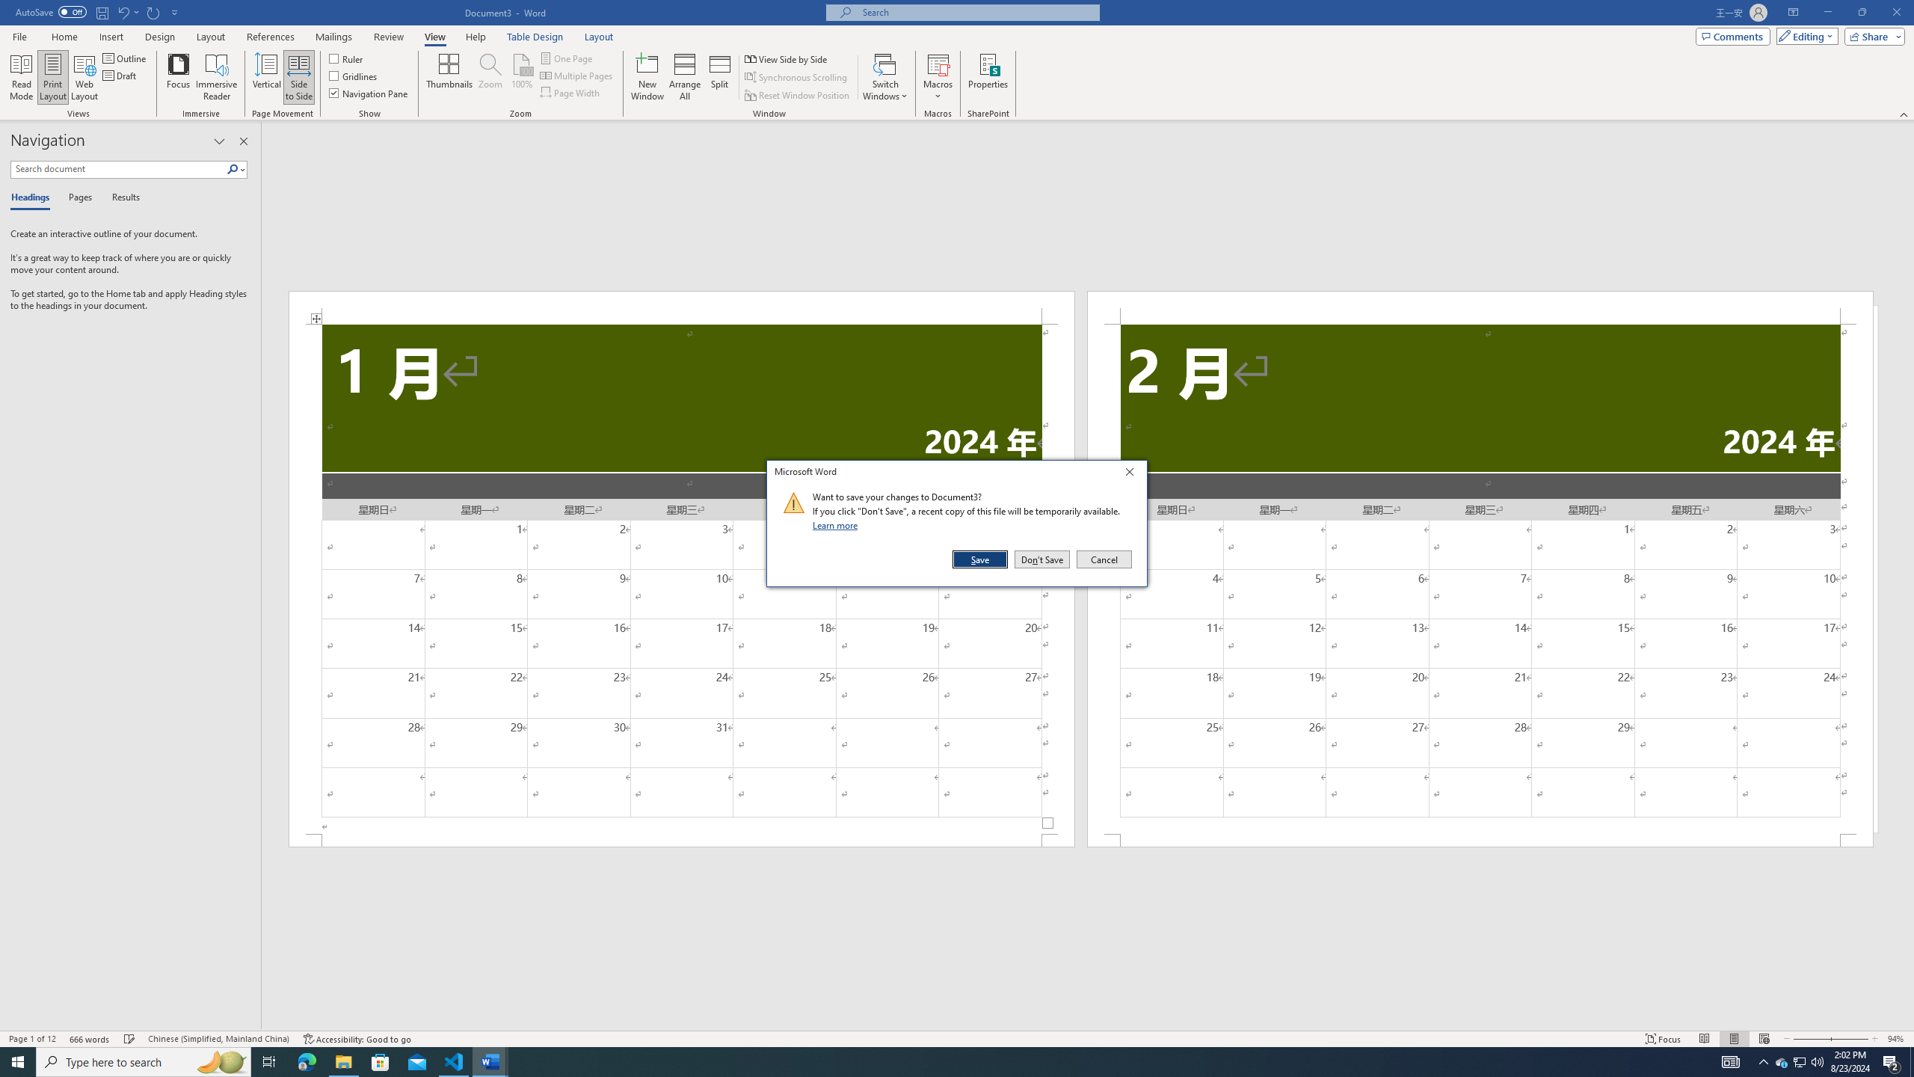  I want to click on 'Side to Side', so click(298, 77).